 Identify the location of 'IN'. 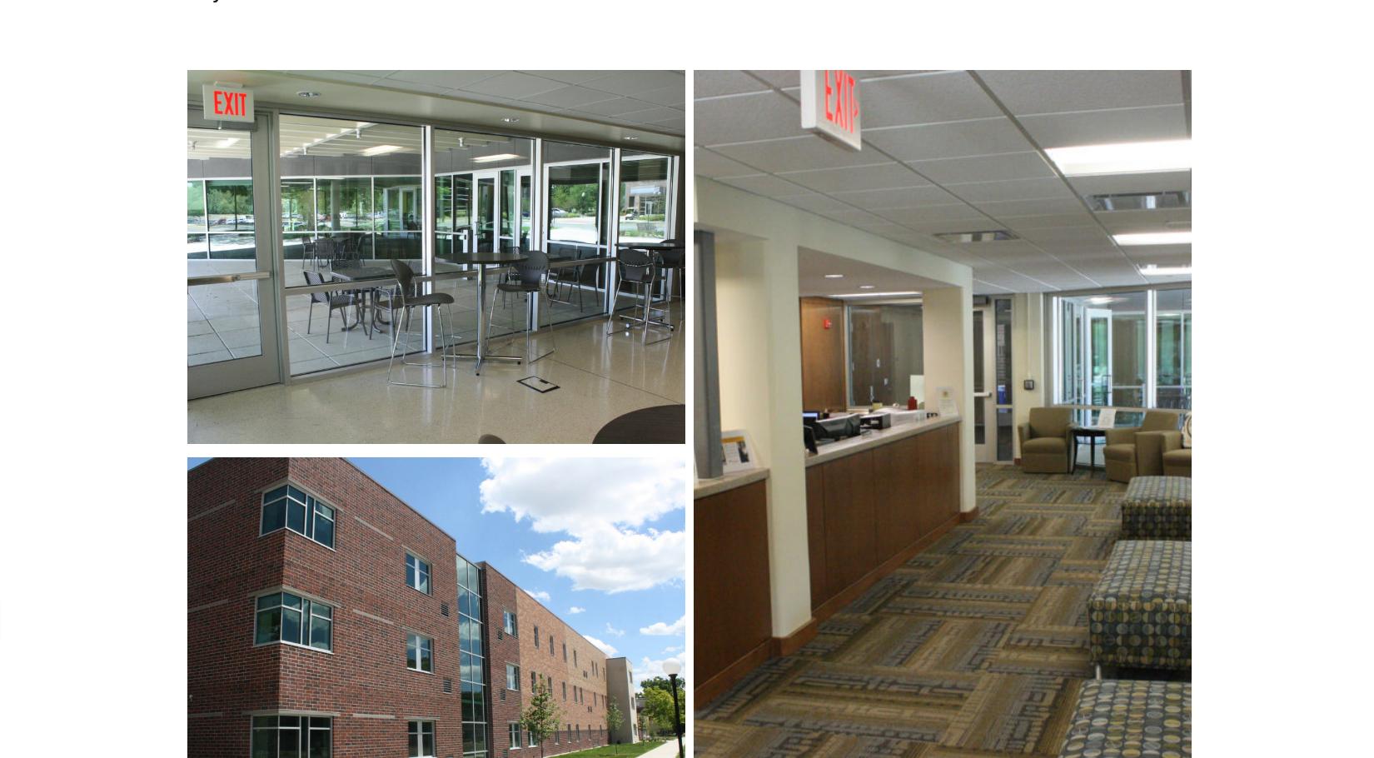
(946, 594).